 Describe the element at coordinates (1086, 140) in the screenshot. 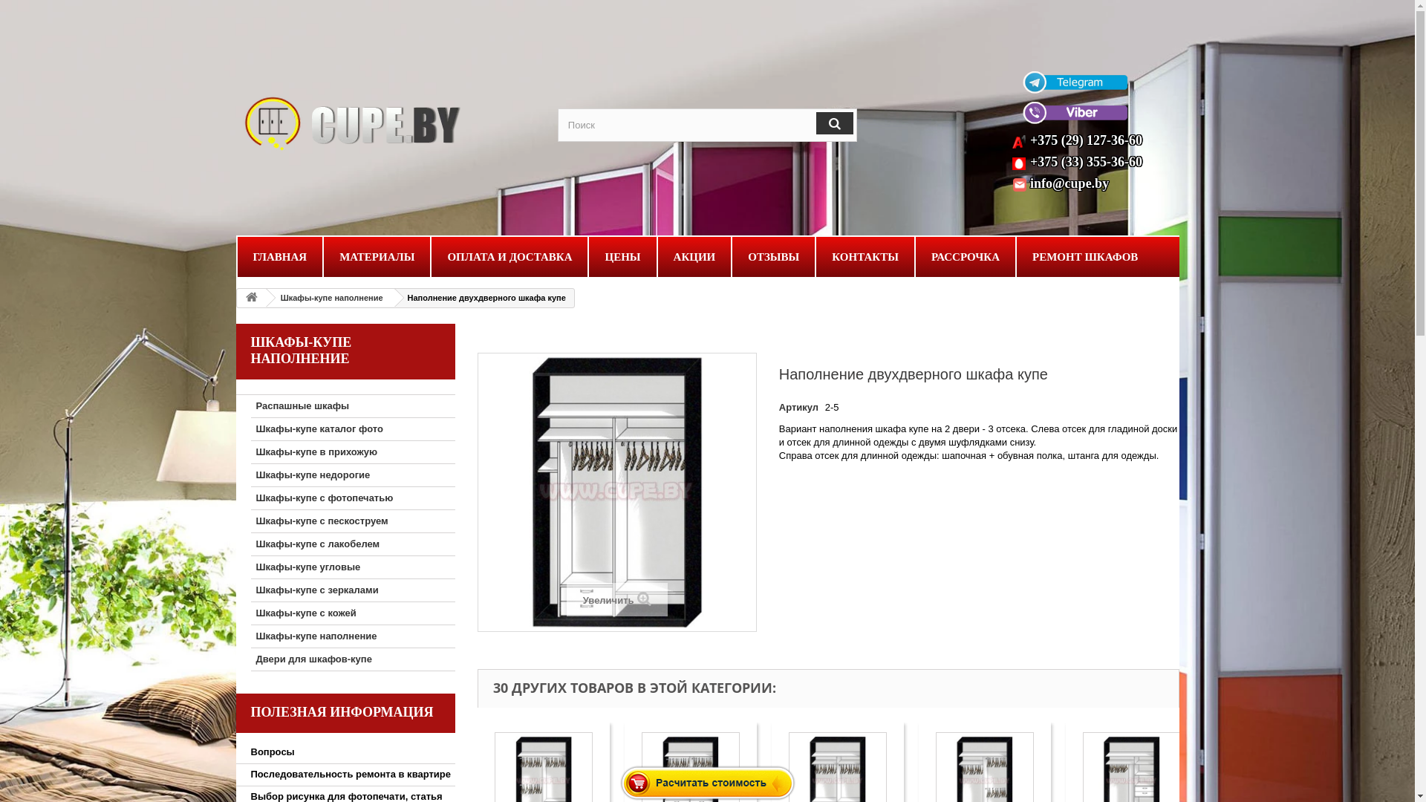

I see `'+375 (29) 127-36-60'` at that location.